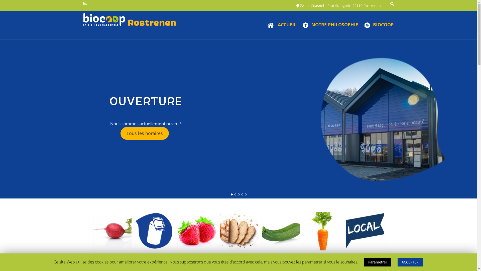 The height and width of the screenshot is (271, 481). I want to click on 'Tous les horaires', so click(144, 133).